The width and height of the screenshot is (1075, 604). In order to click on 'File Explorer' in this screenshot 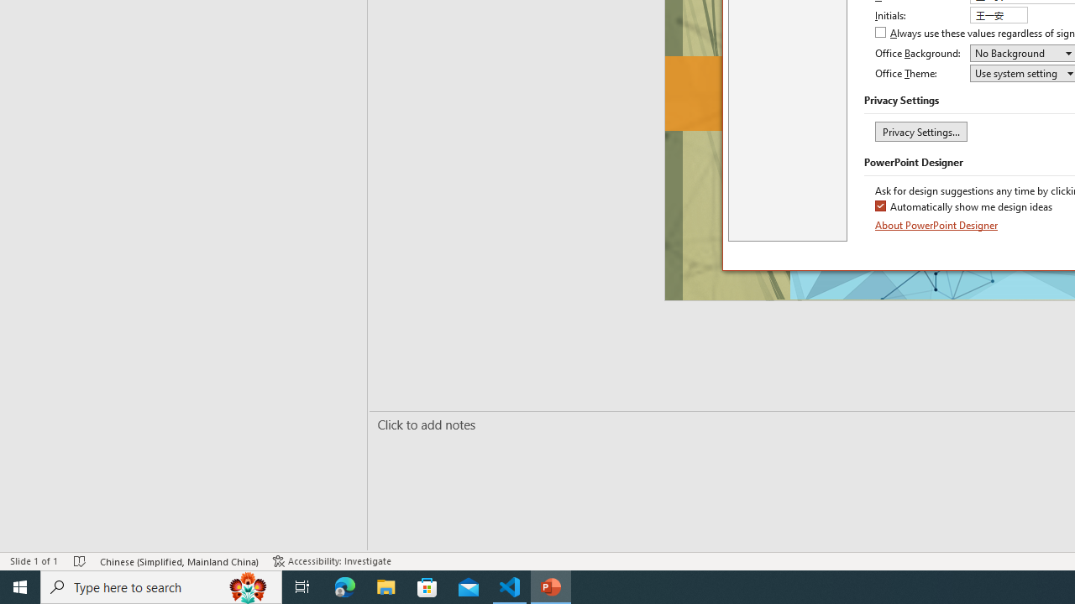, I will do `click(385, 586)`.